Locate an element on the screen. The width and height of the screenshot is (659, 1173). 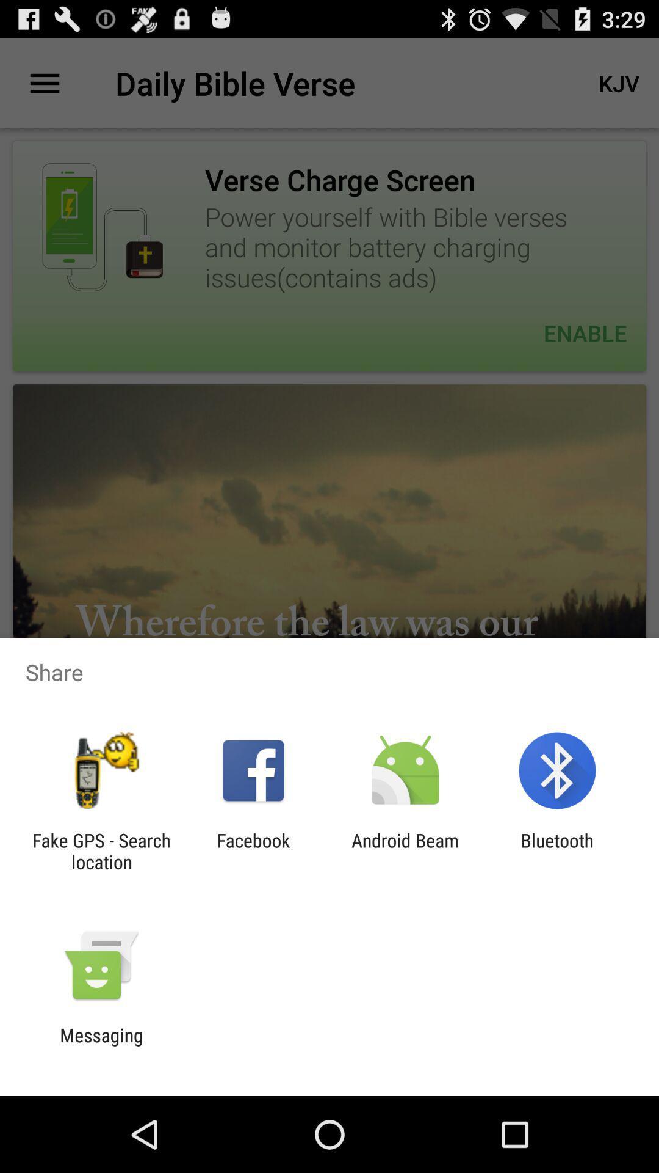
app next to the fake gps search item is located at coordinates (253, 850).